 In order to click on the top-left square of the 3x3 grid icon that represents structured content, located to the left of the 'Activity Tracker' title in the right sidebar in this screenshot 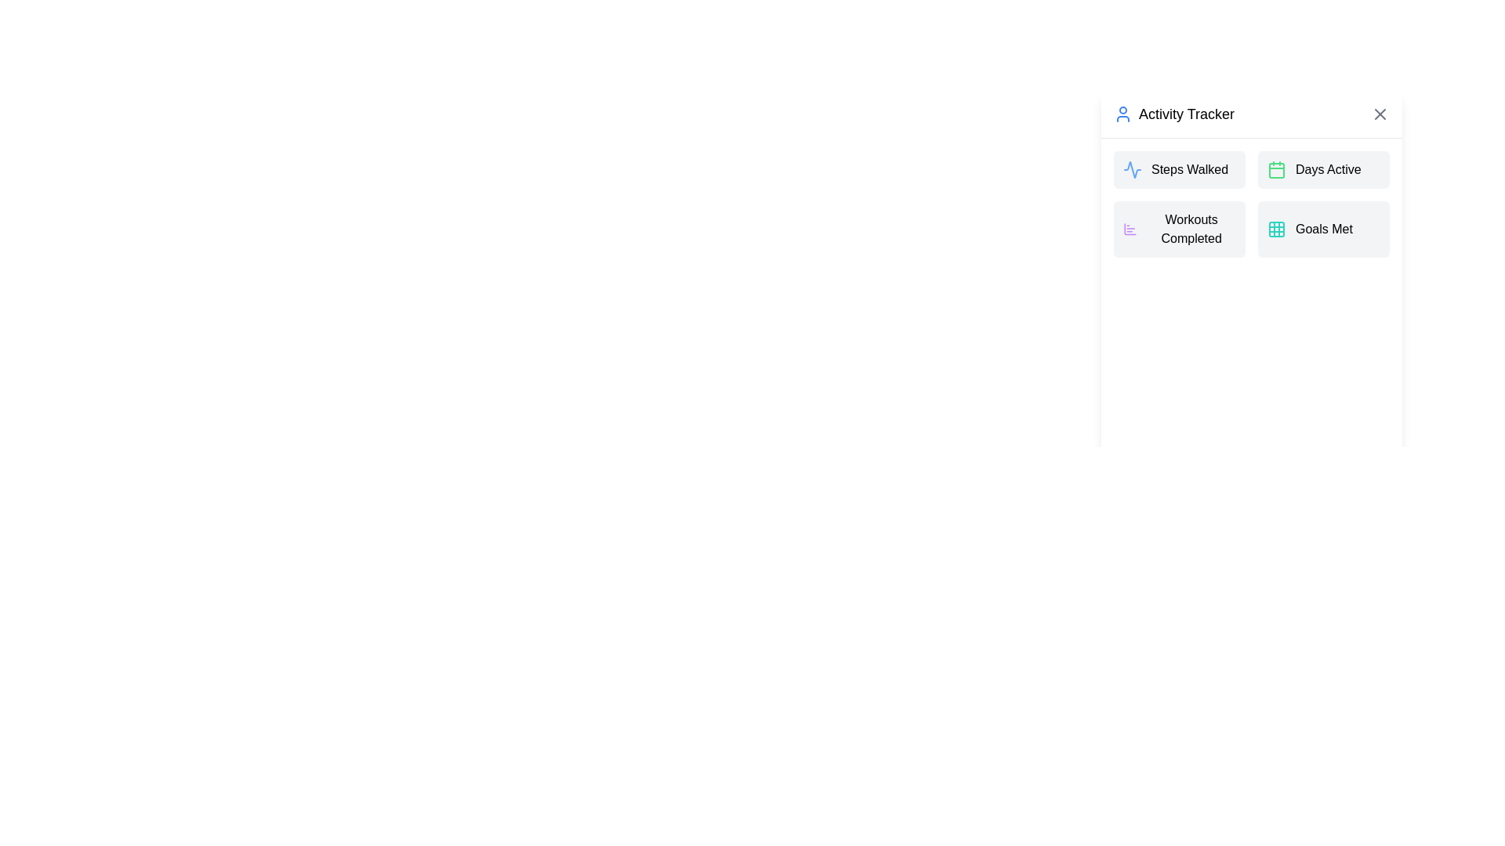, I will do `click(1276, 230)`.